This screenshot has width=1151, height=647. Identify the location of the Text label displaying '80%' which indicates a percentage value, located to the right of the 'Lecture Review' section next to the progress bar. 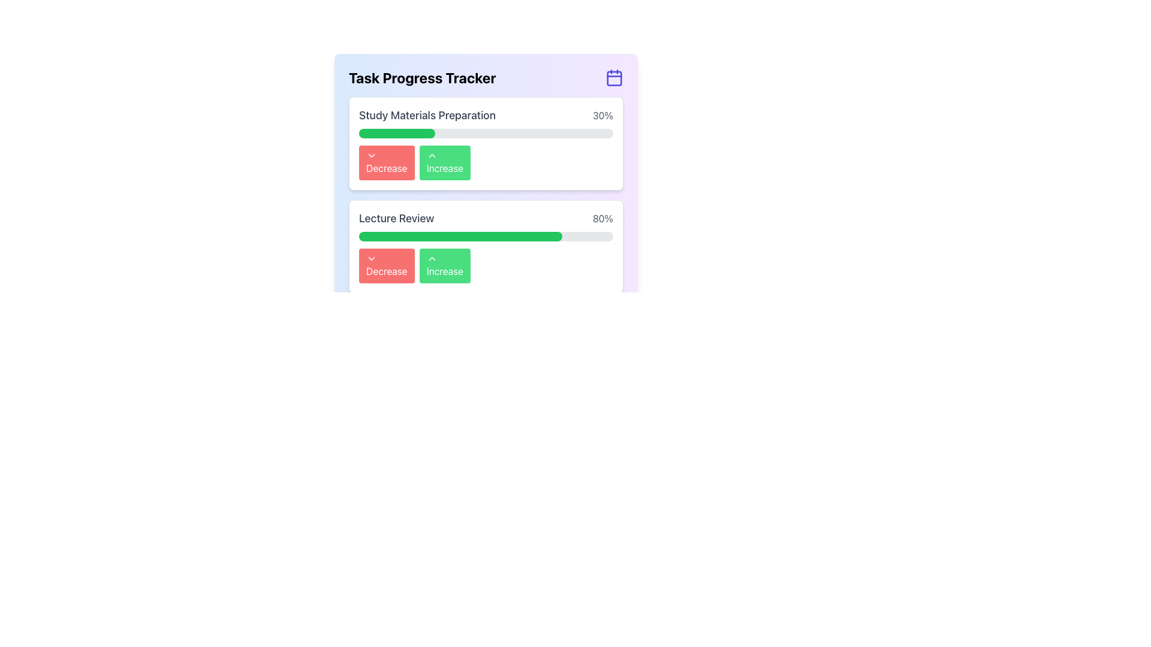
(602, 219).